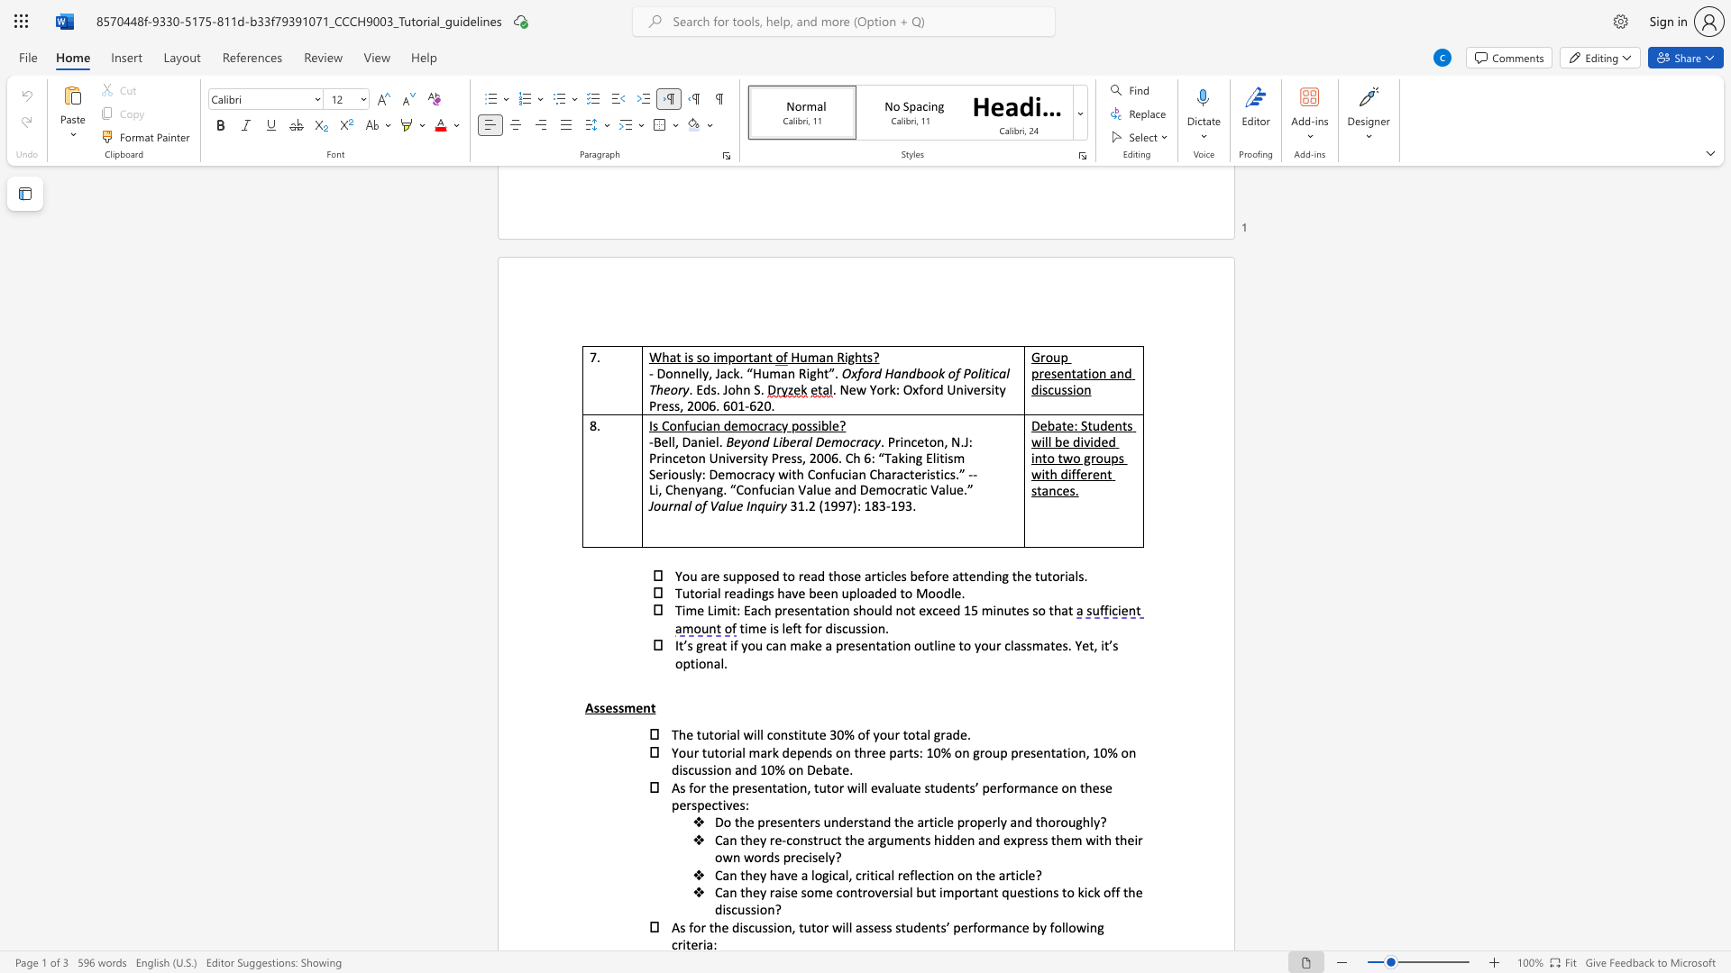  I want to click on the subset text "10% on group presentation, 10% on discussion and 10%" within the text "Your tutorial mark depends on three parts: 10% on group presentation, 10% on discussion and 10% on Debate.", so click(926, 752).